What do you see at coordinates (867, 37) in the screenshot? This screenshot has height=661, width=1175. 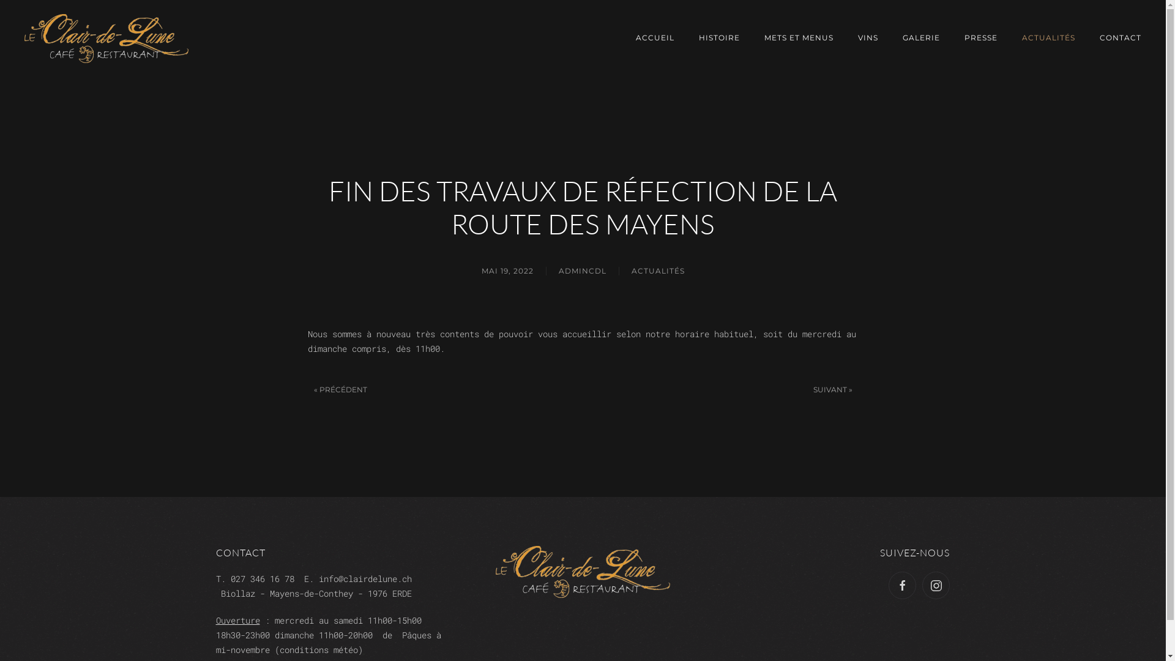 I see `'VINS'` at bounding box center [867, 37].